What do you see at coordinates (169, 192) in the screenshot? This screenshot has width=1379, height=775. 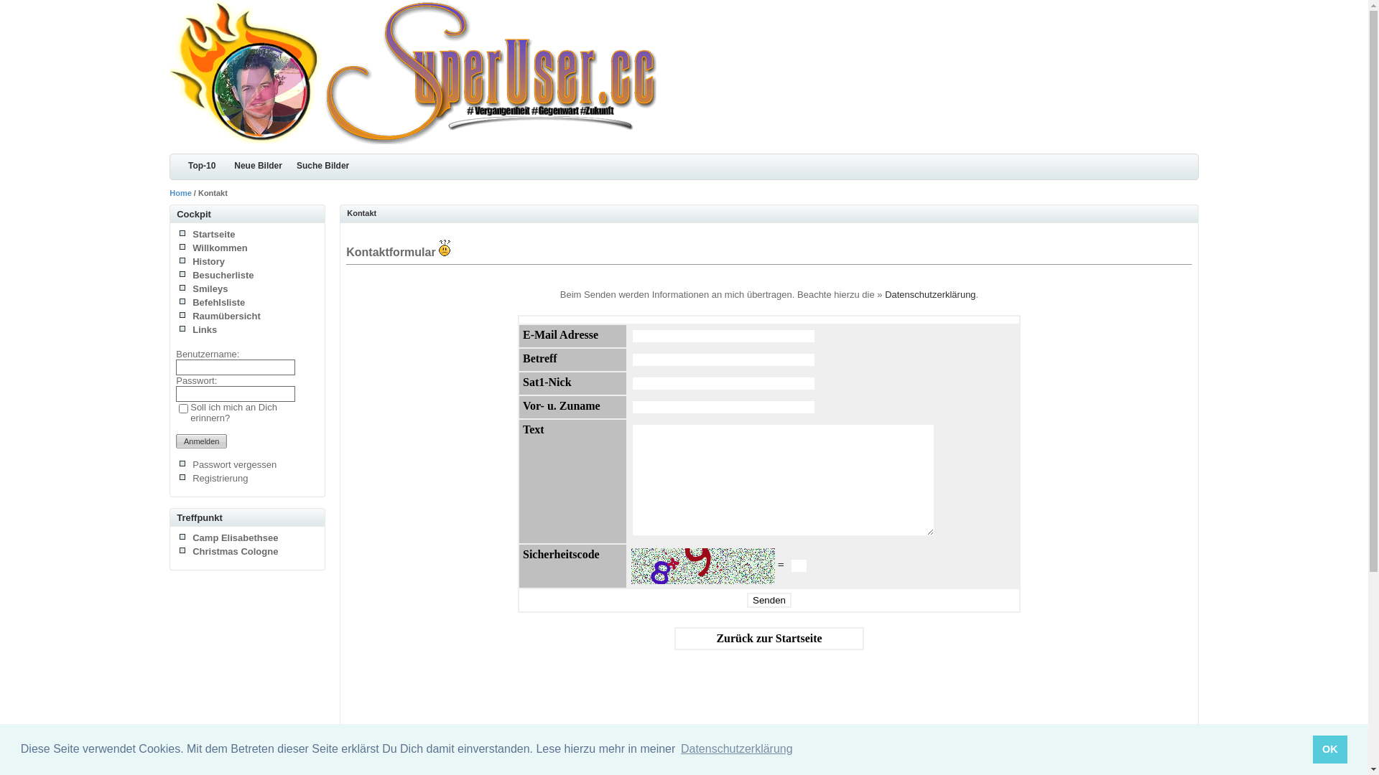 I see `'Home'` at bounding box center [169, 192].